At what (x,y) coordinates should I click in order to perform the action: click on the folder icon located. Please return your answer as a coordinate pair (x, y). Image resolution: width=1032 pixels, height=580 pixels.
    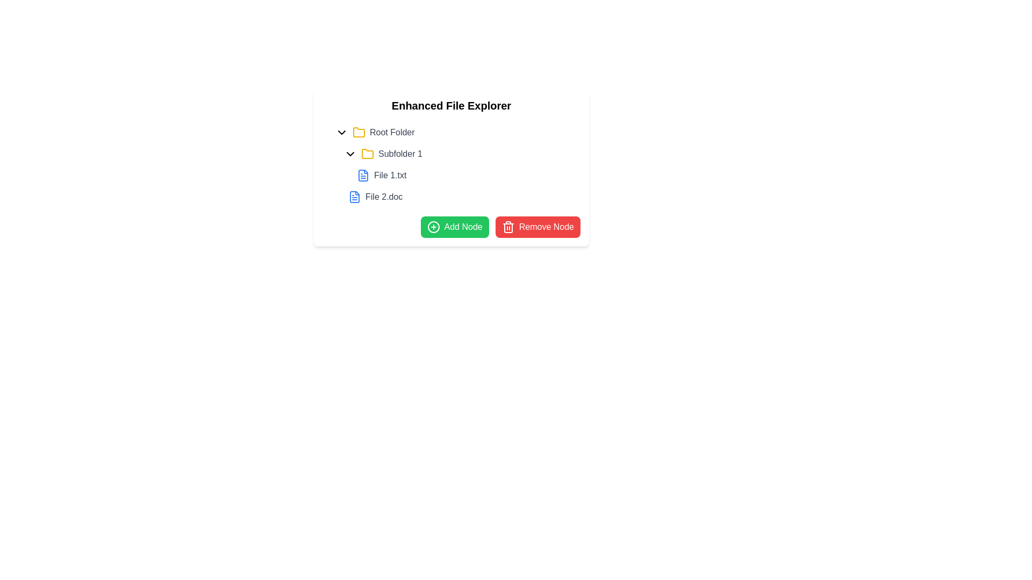
    Looking at the image, I should click on (368, 154).